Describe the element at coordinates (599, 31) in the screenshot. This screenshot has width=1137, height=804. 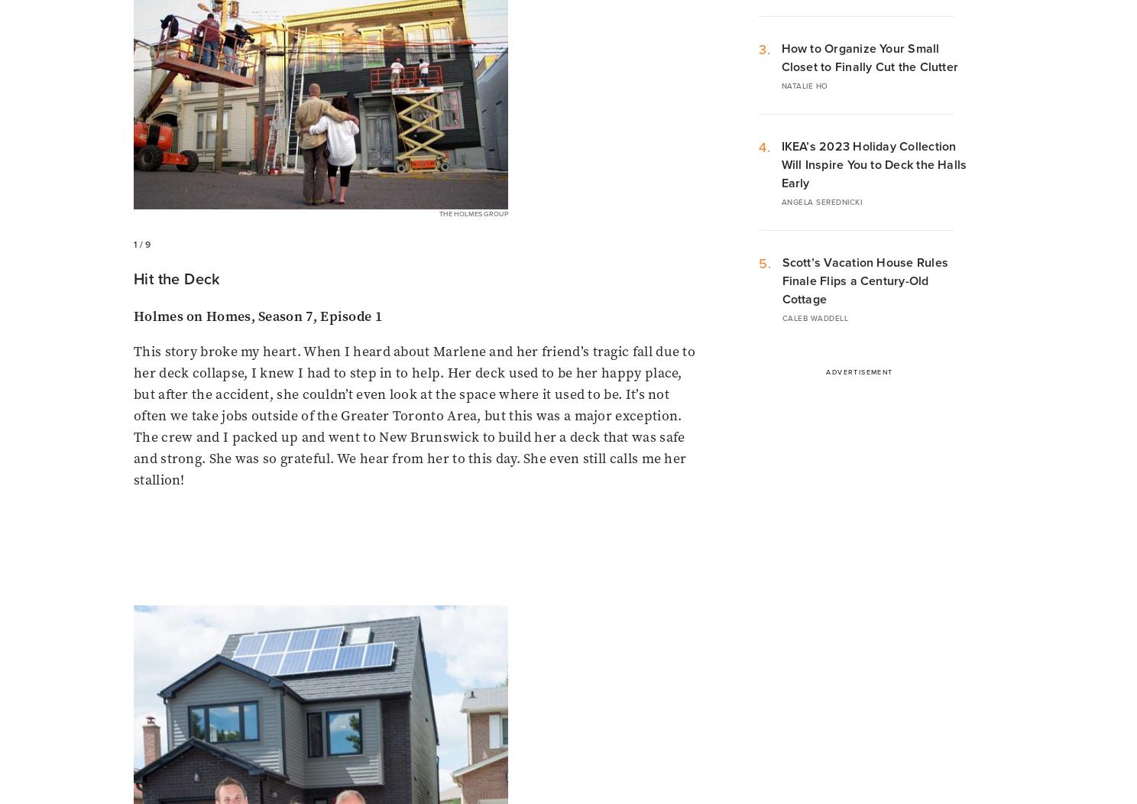
I see `'Caleb Waddell'` at that location.